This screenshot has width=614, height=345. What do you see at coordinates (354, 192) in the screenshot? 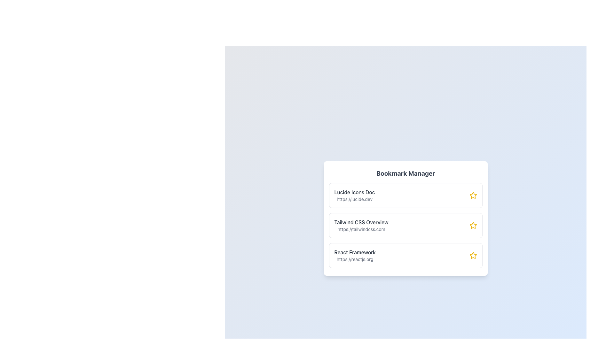
I see `the Static Text element that serves as a title for a bookmark entry in the Bookmark Manager, located centrally aligned at the top of the list item` at bounding box center [354, 192].